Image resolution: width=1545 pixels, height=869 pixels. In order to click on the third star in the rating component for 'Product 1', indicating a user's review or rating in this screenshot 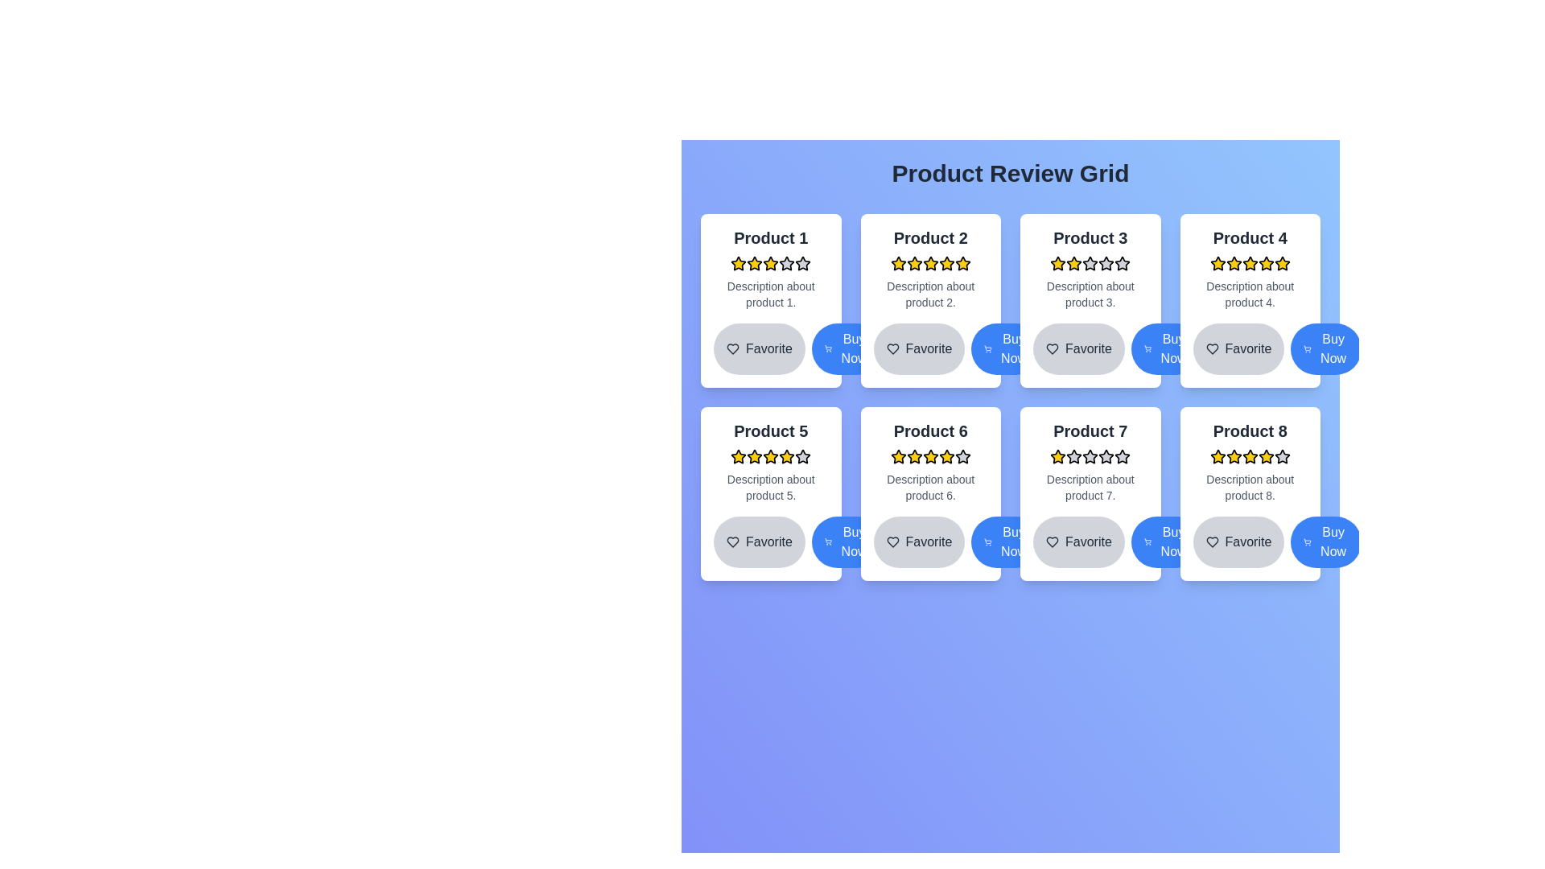, I will do `click(754, 262)`.